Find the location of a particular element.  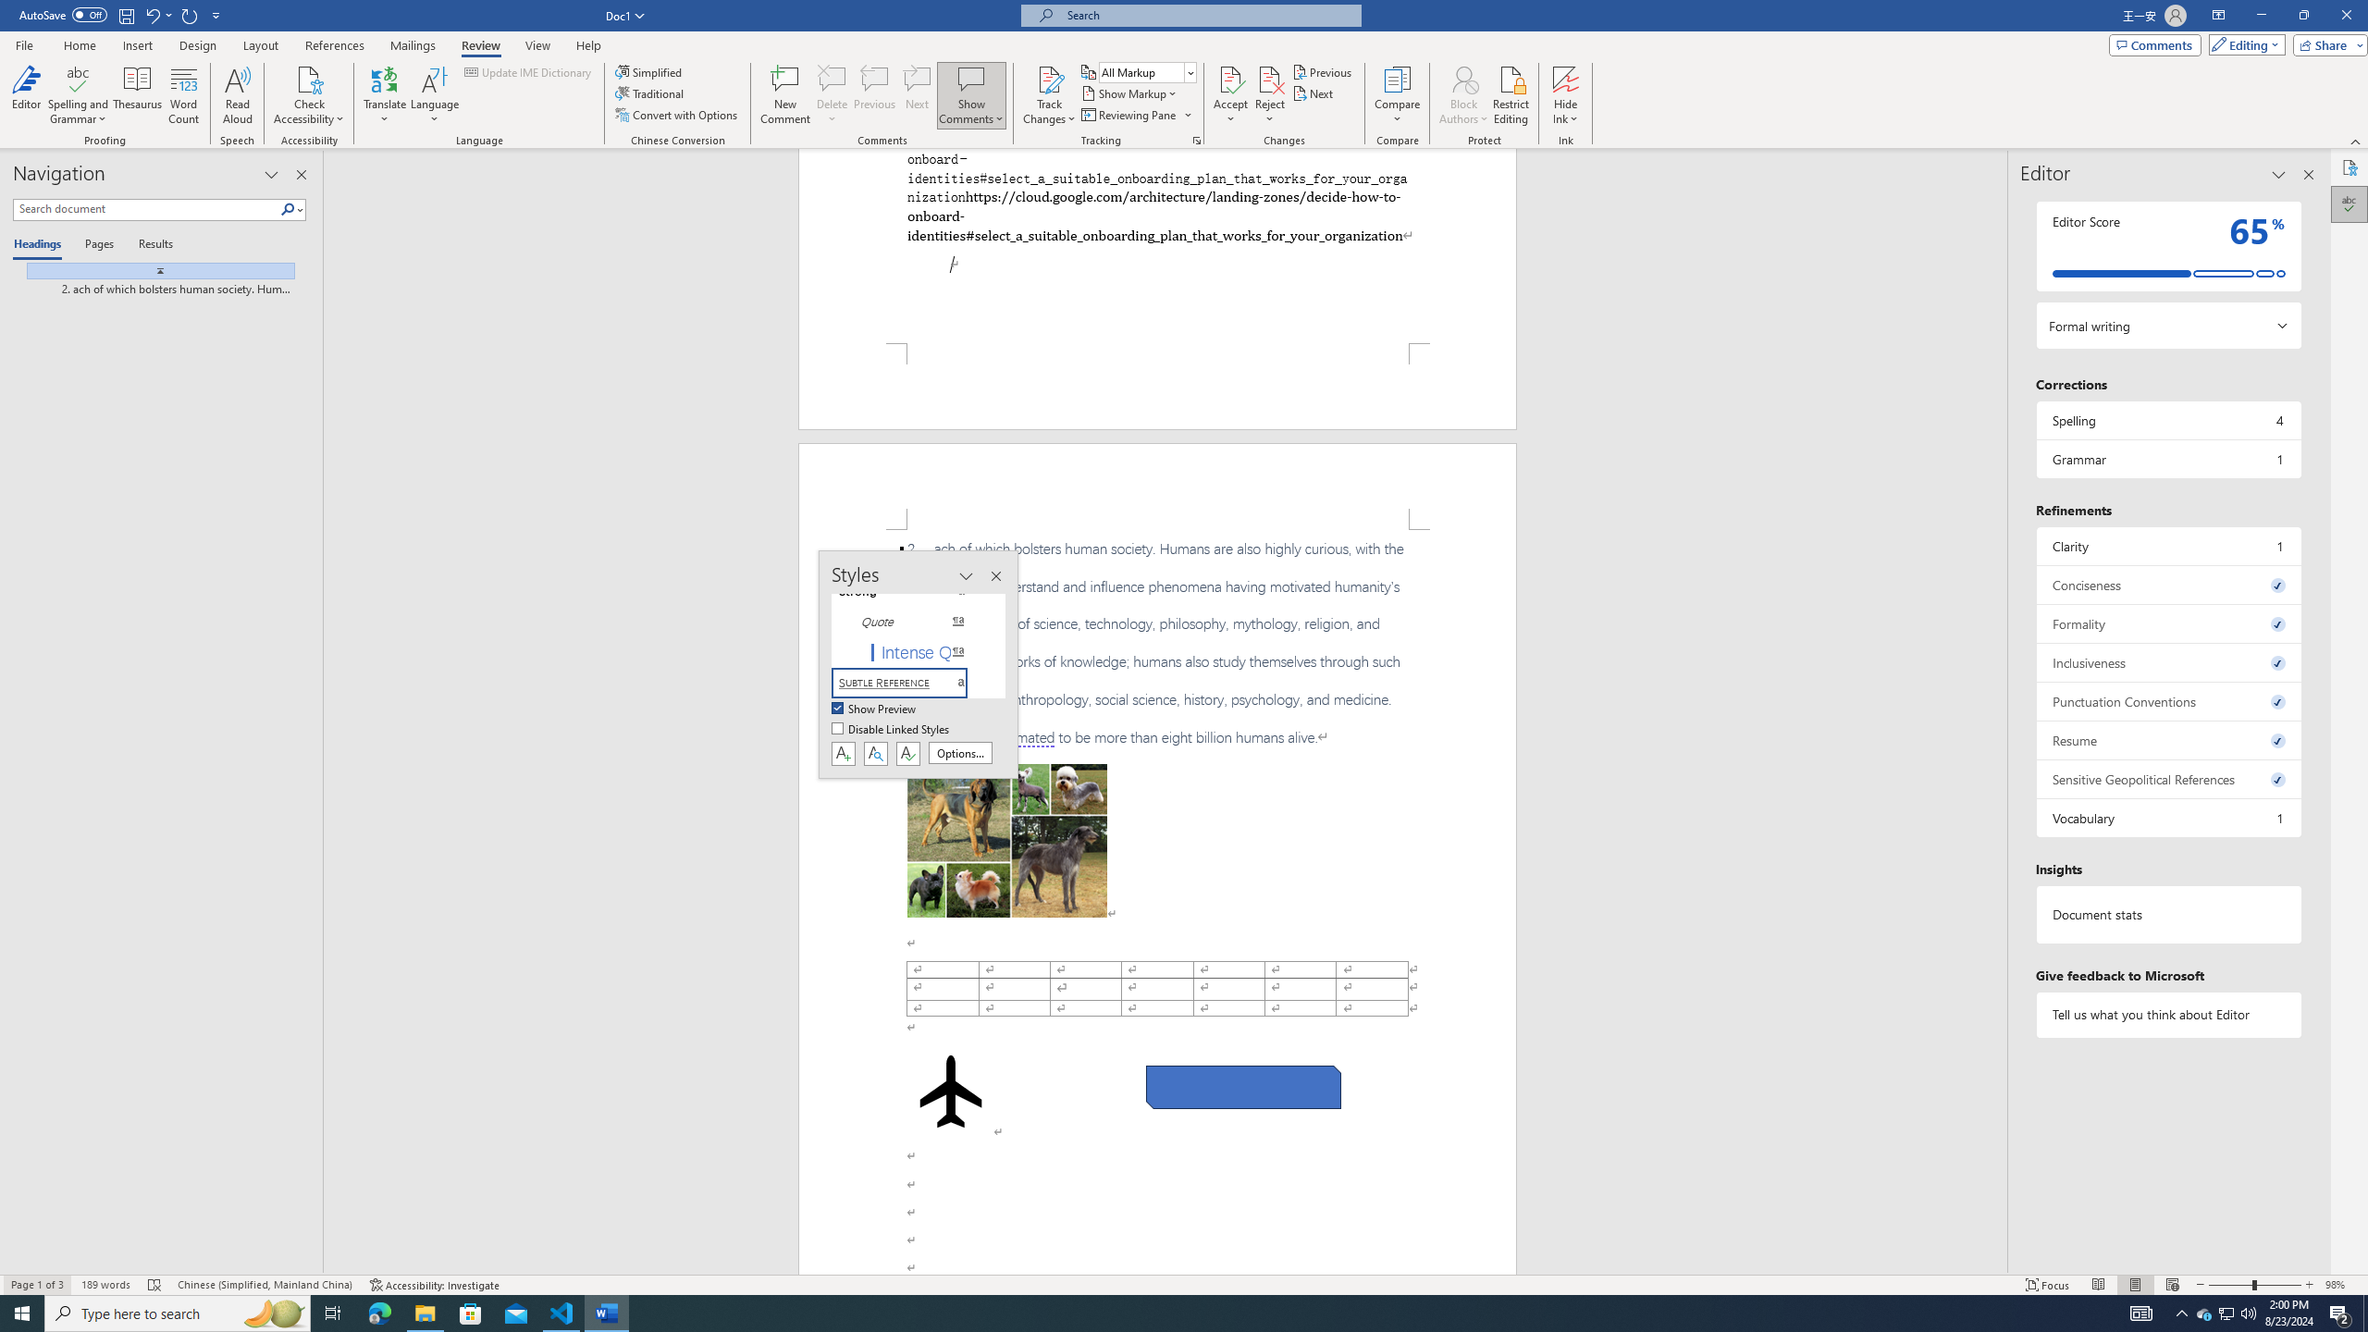

'Reviewing Pane' is located at coordinates (1128, 113).